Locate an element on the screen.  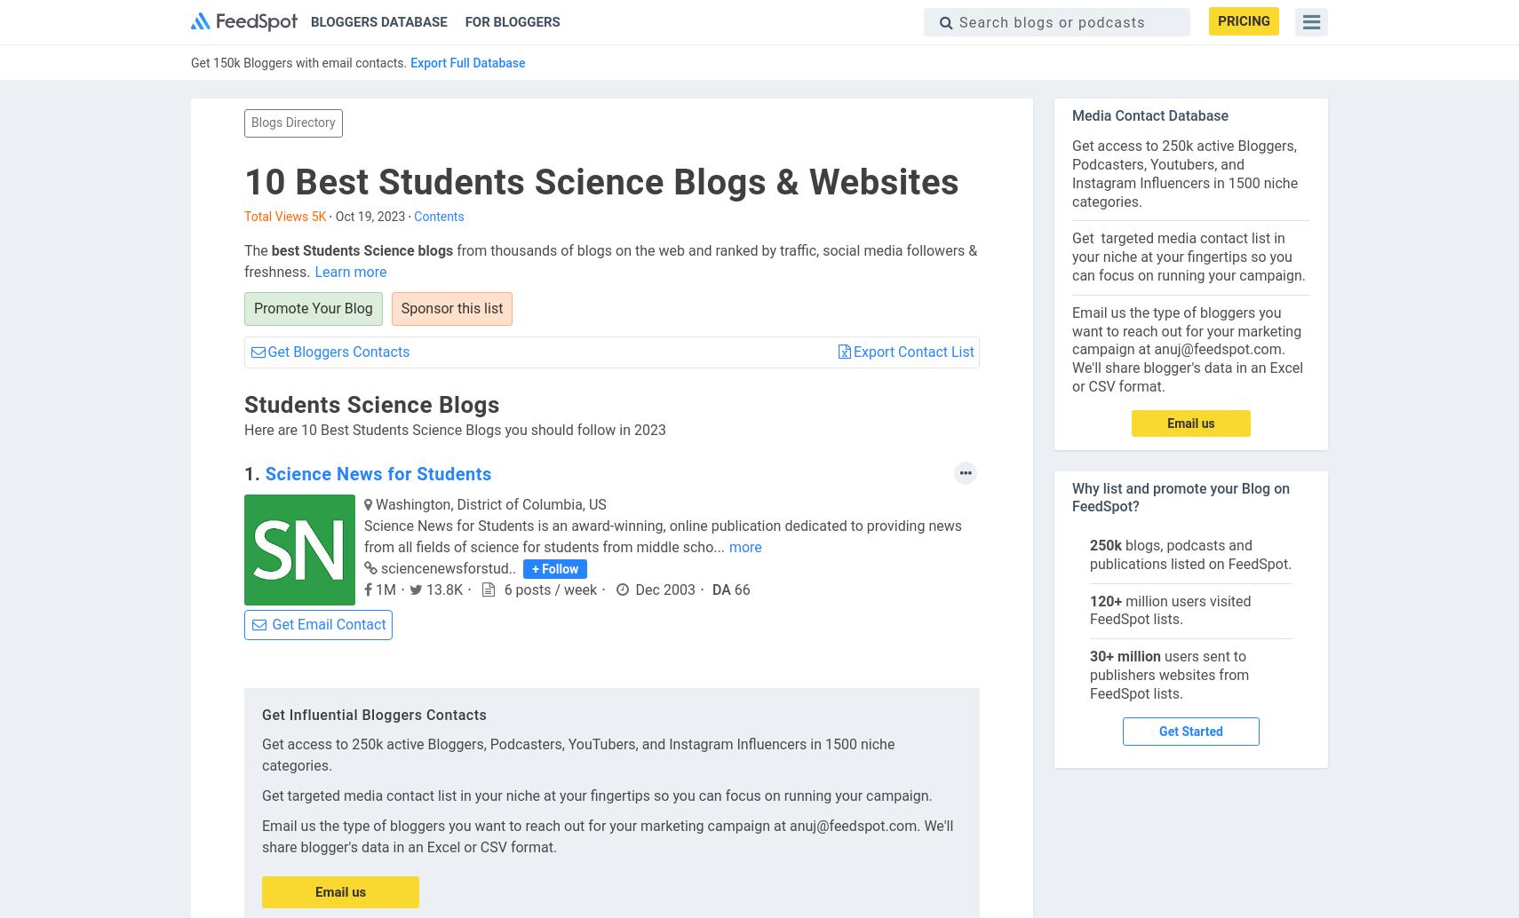
'more' is located at coordinates (744, 547).